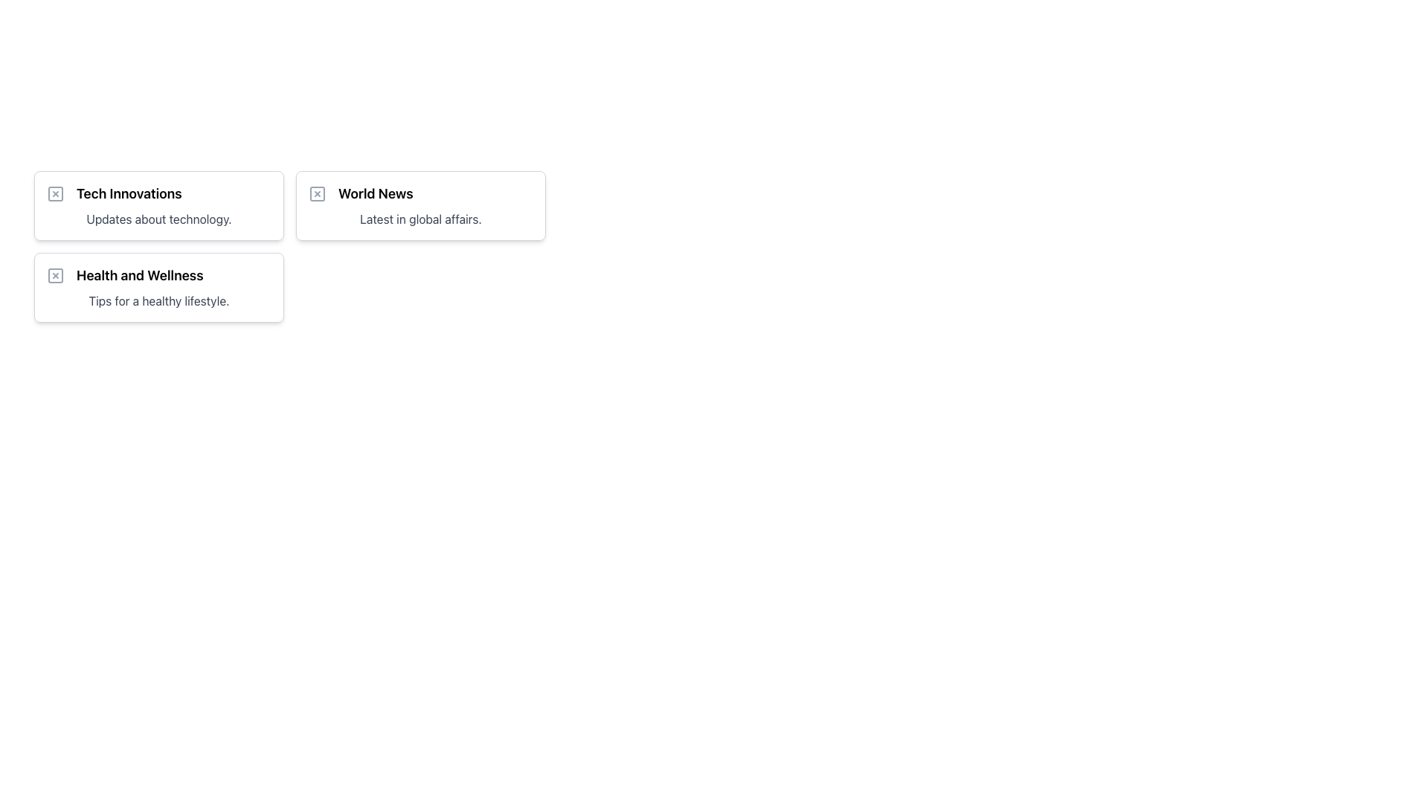  Describe the element at coordinates (56, 275) in the screenshot. I see `the gray button with a cross (X) symbol located to the left of the 'Health and Wellness' heading` at that location.